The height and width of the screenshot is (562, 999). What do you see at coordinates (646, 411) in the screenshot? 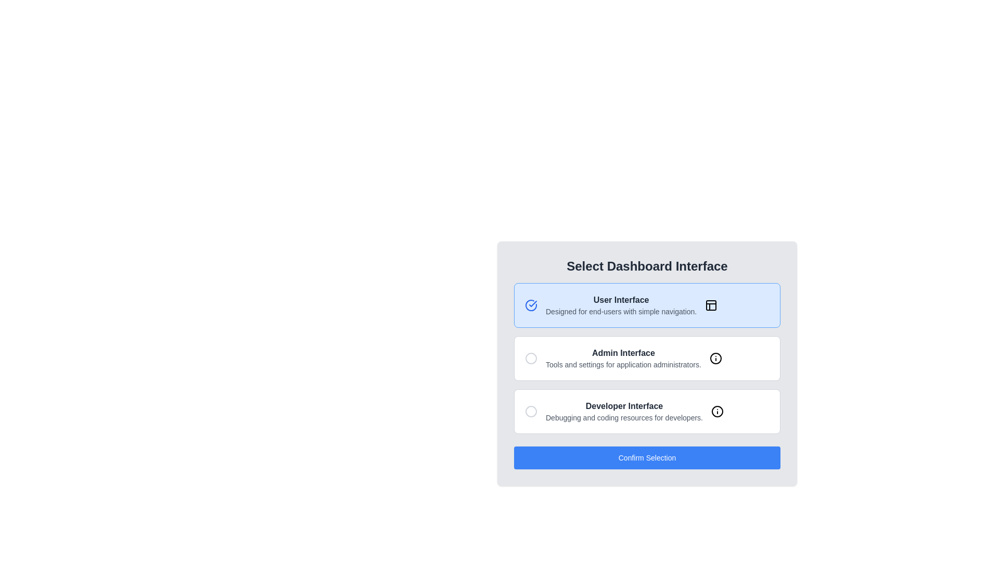
I see `the List item with a radio button for 'Developer Interface'` at bounding box center [646, 411].